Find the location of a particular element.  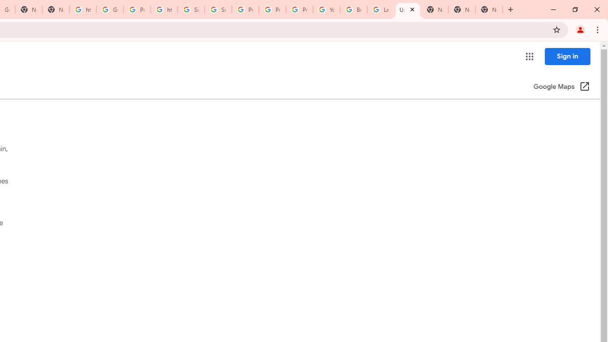

'Use Google Maps in Space - Google Maps Help' is located at coordinates (408, 9).